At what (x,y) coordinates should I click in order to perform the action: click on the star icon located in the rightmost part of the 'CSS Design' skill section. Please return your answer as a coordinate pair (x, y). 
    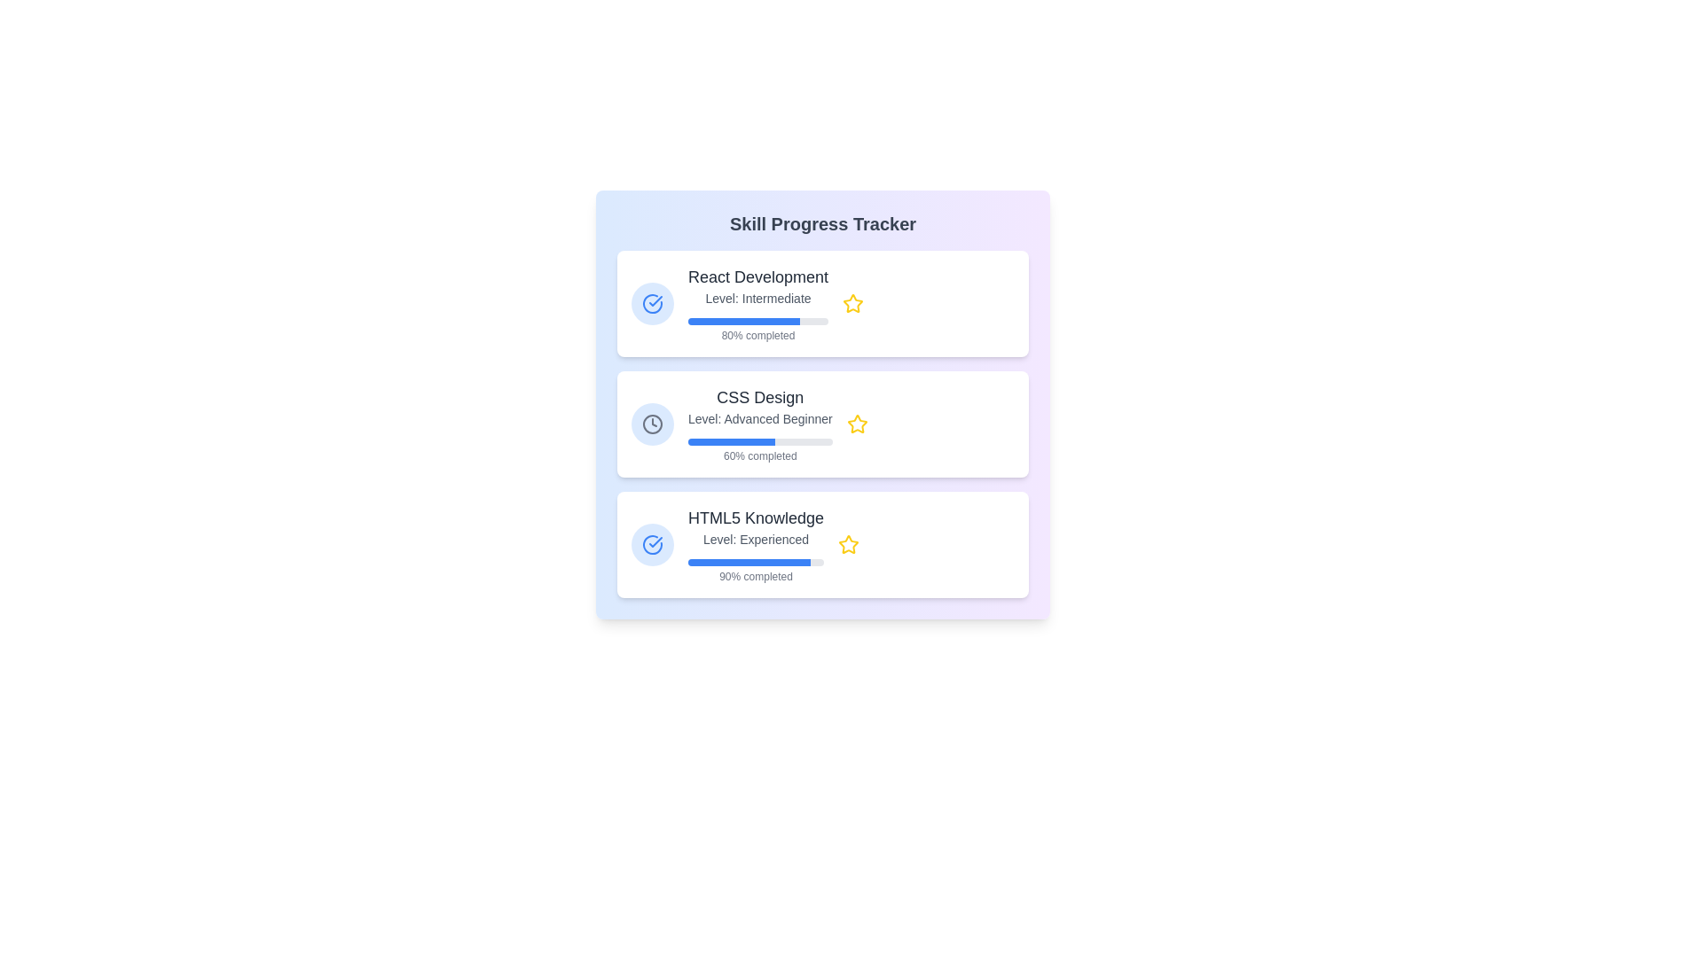
    Looking at the image, I should click on (857, 424).